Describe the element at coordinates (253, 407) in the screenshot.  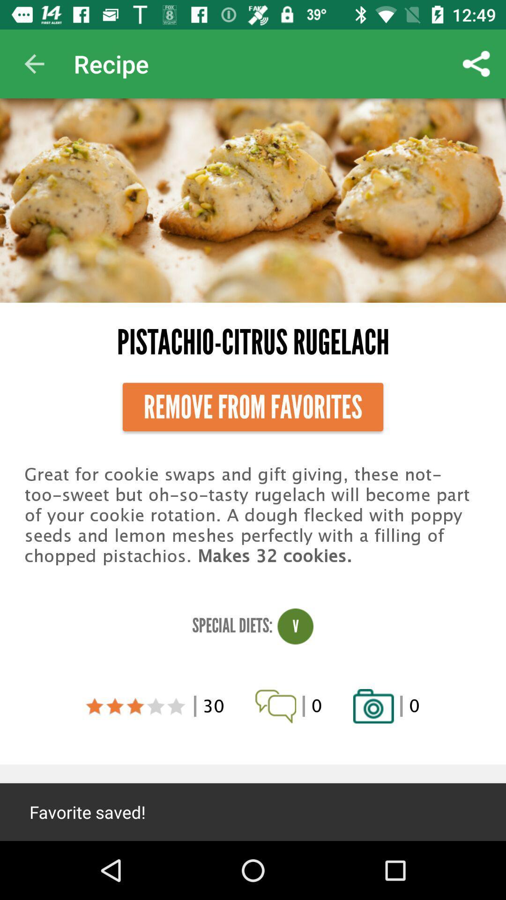
I see `item above great for cookie` at that location.